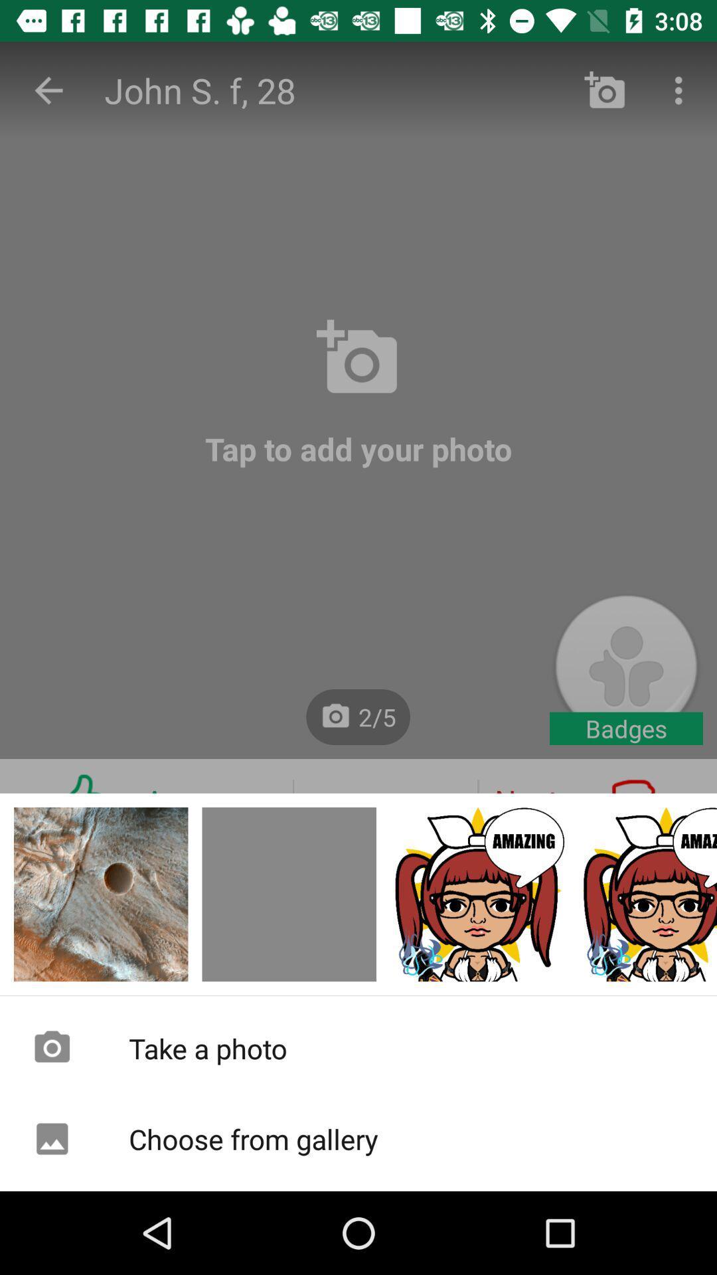 This screenshot has width=717, height=1275. What do you see at coordinates (288, 894) in the screenshot?
I see `choose your photo` at bounding box center [288, 894].